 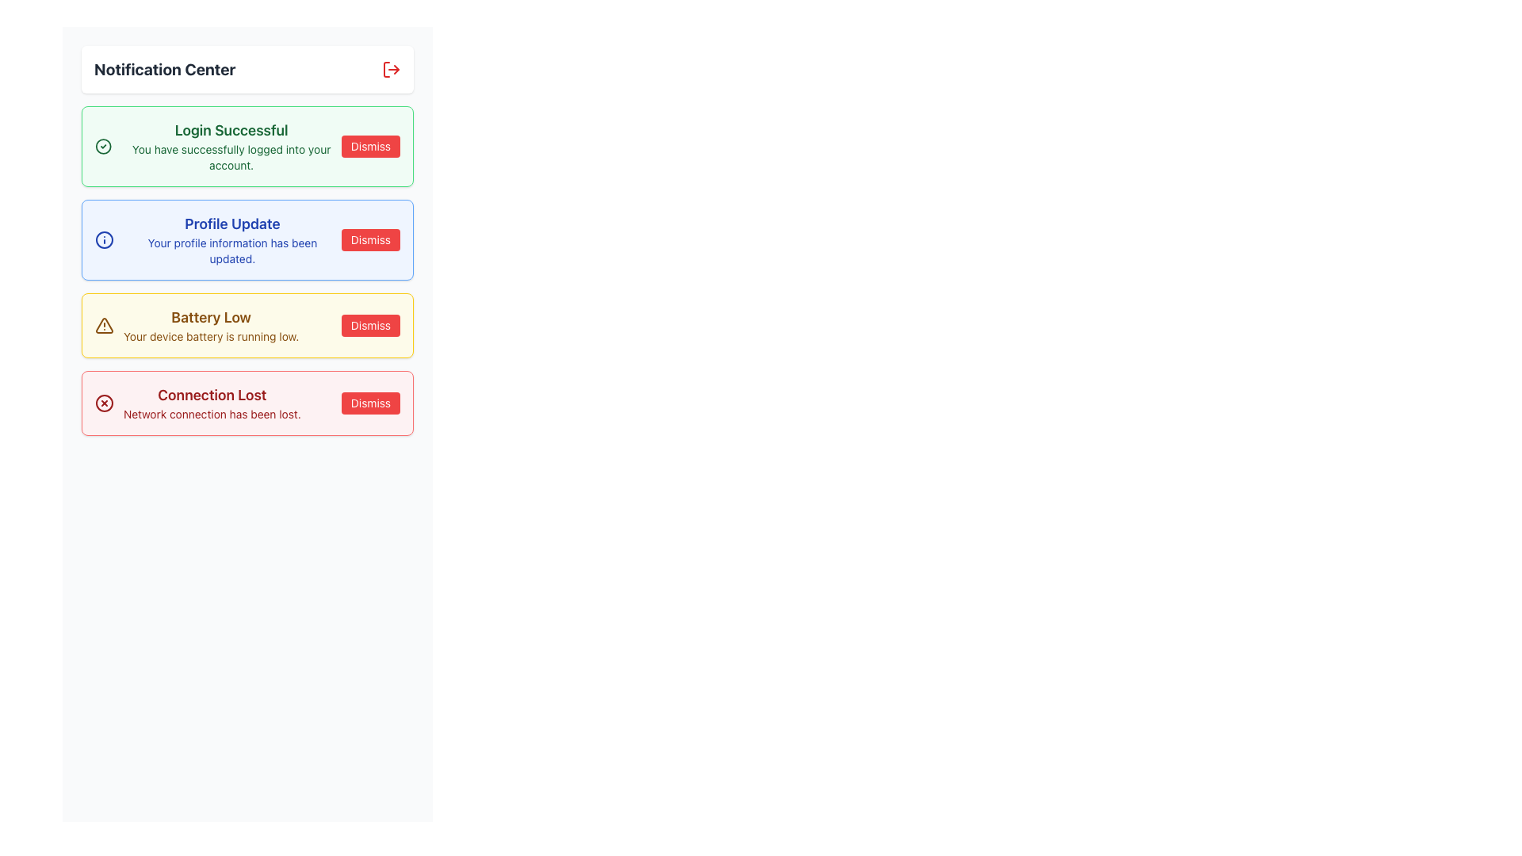 What do you see at coordinates (211, 403) in the screenshot?
I see `the text label indicating a lost network connection in the fourth notification card within the Notification Center` at bounding box center [211, 403].